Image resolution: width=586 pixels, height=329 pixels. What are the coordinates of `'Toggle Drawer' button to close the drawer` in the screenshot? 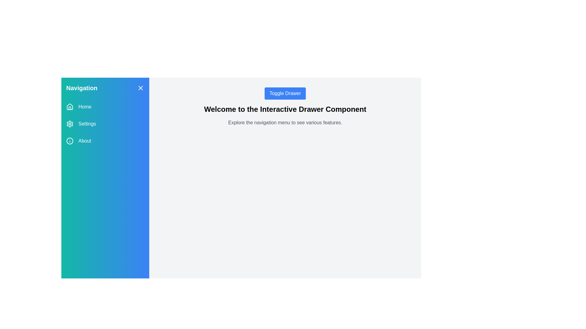 It's located at (285, 94).